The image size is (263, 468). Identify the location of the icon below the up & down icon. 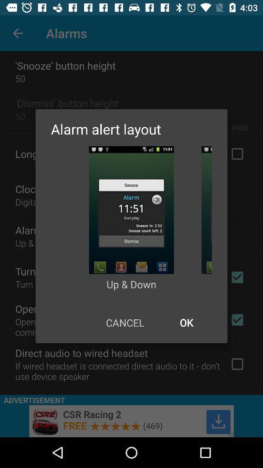
(186, 322).